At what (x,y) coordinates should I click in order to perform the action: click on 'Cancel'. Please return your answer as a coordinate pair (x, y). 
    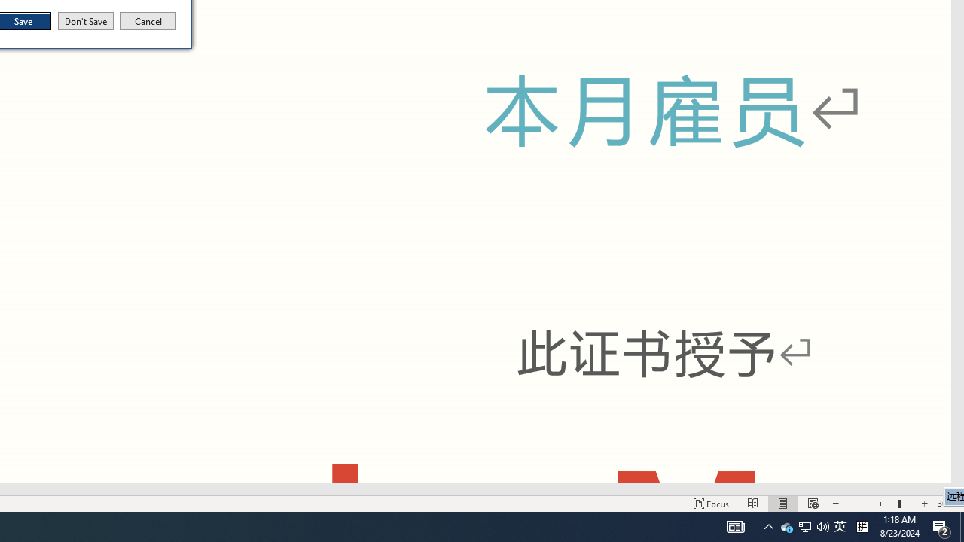
    Looking at the image, I should click on (148, 21).